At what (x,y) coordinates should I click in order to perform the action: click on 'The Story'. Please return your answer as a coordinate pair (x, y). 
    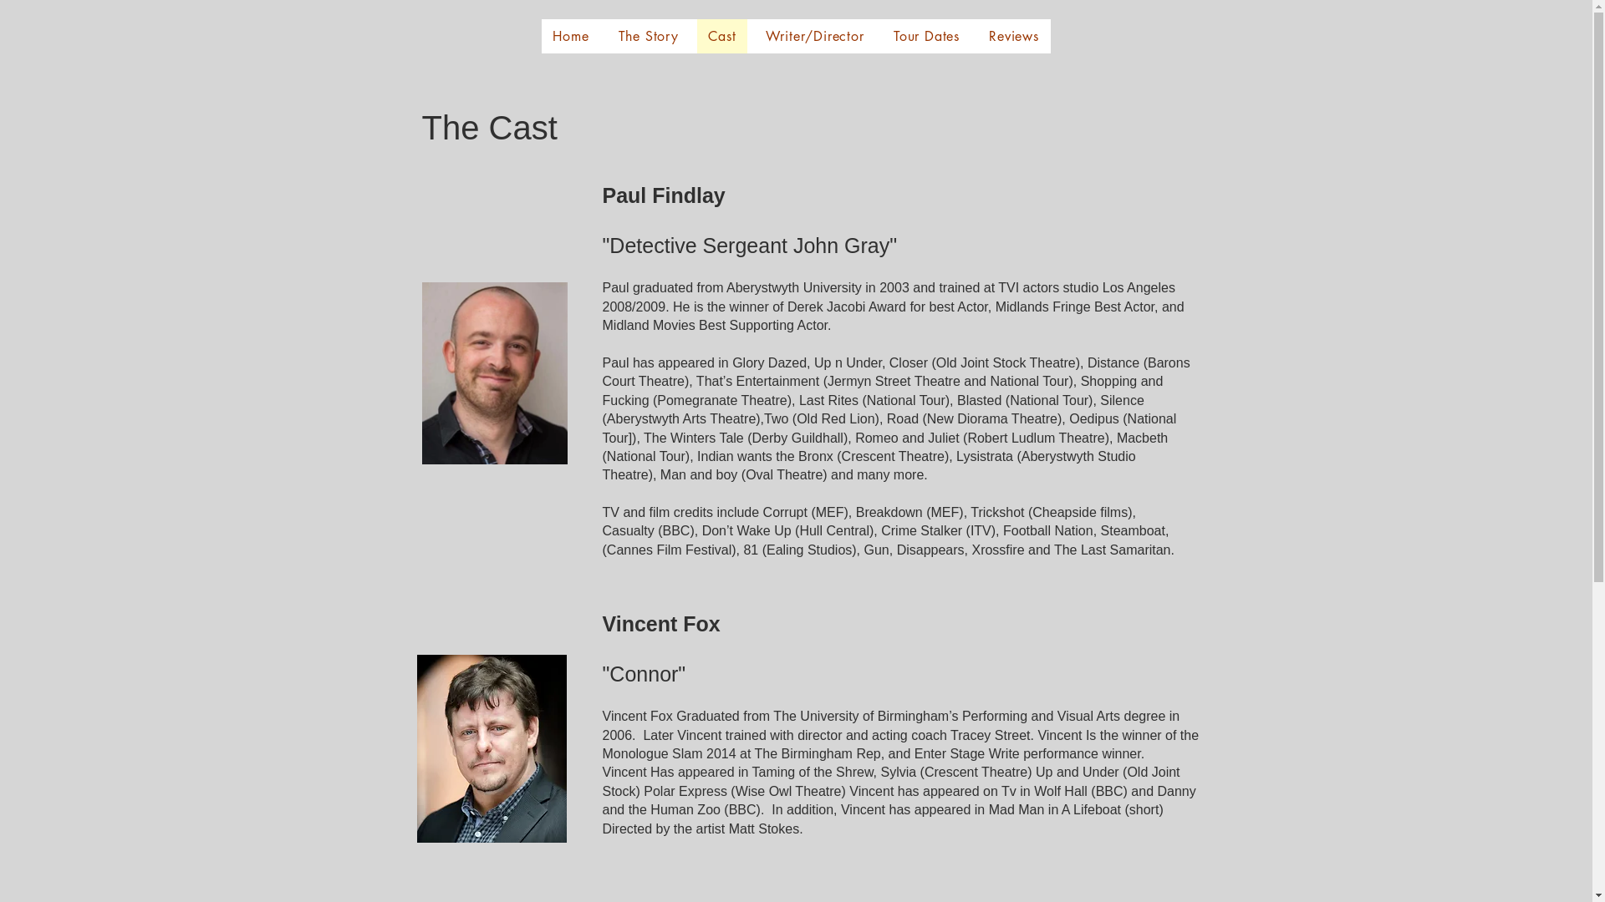
    Looking at the image, I should click on (648, 36).